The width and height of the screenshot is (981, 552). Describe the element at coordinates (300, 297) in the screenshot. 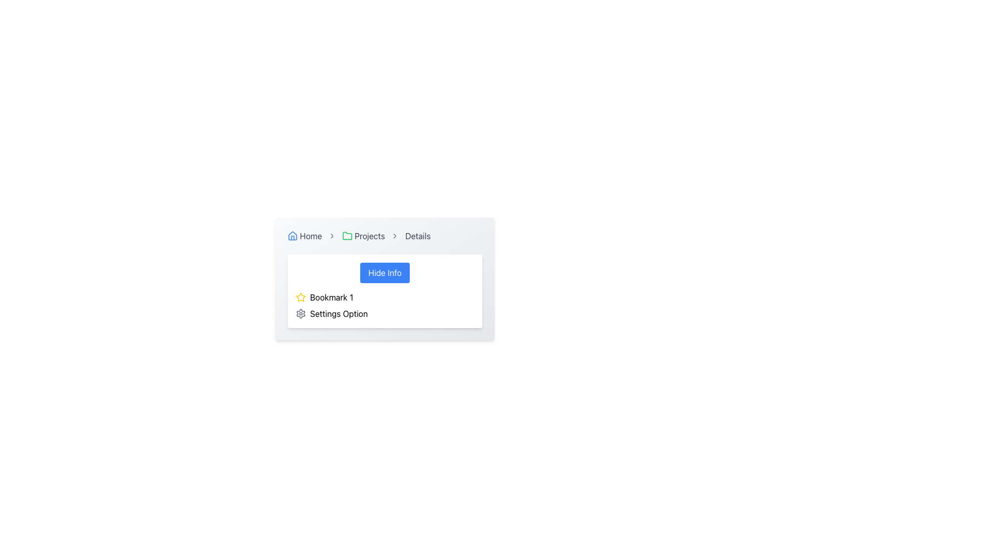

I see `the star icon, which is the leftmost item in the rating system and located to the left of the text 'Bookmark 1'` at that location.